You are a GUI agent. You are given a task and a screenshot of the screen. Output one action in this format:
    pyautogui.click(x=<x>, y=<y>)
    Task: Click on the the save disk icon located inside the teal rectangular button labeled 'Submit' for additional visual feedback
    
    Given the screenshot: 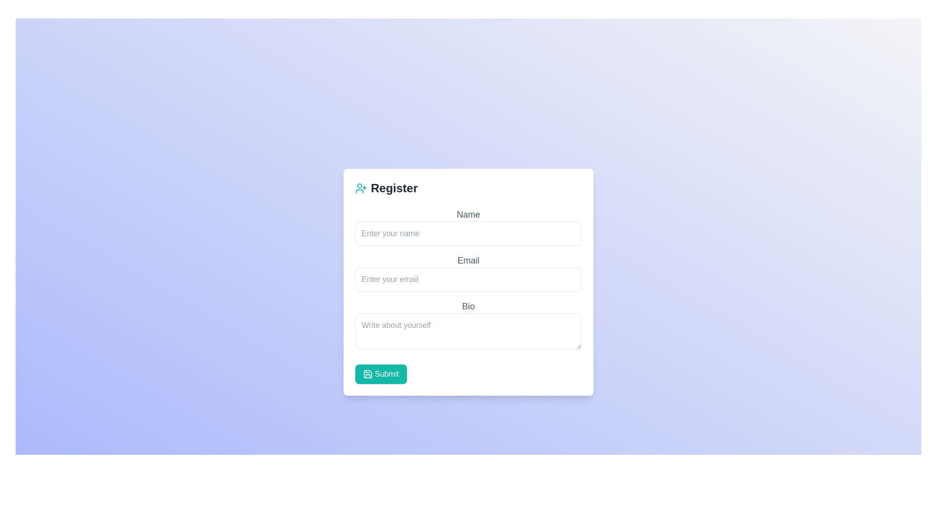 What is the action you would take?
    pyautogui.click(x=367, y=373)
    